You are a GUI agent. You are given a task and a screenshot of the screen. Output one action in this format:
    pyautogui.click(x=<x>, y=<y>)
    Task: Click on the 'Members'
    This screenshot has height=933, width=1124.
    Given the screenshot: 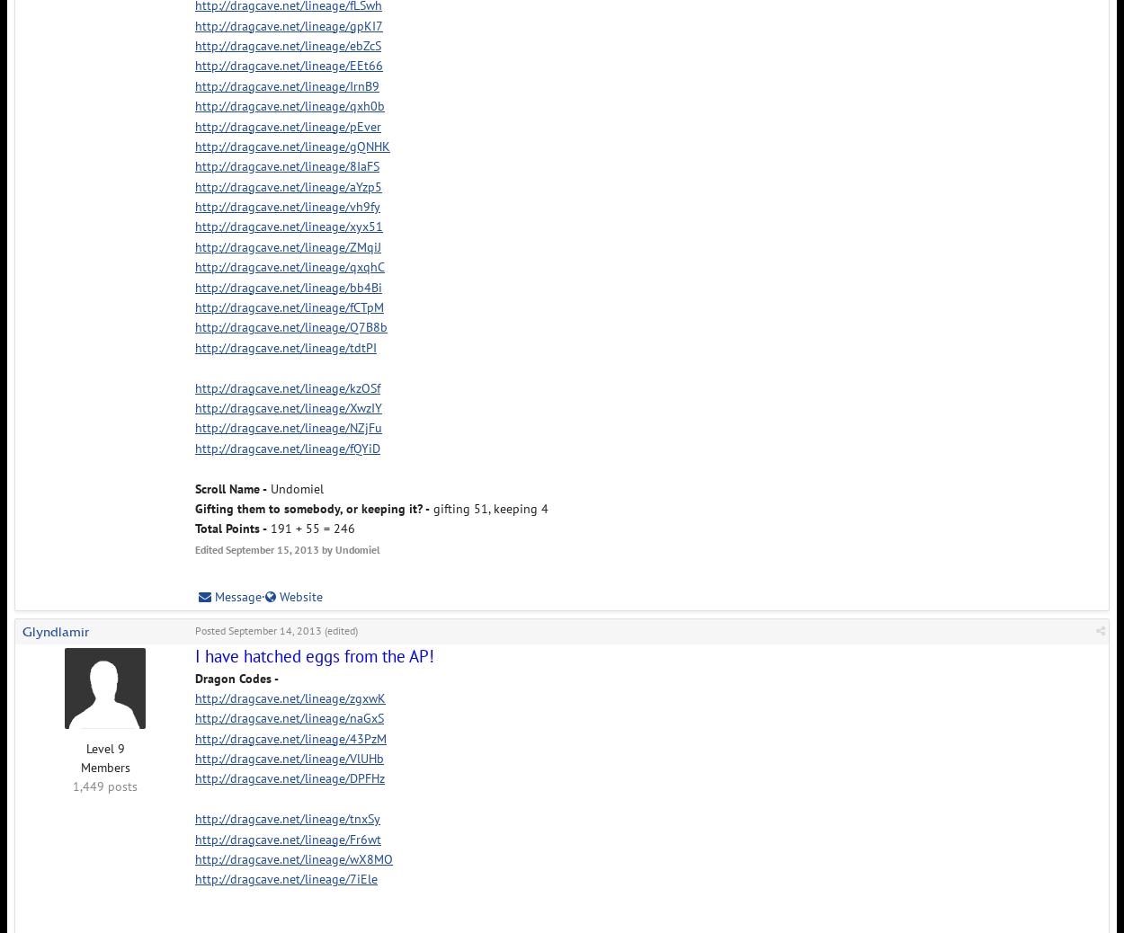 What is the action you would take?
    pyautogui.click(x=103, y=767)
    